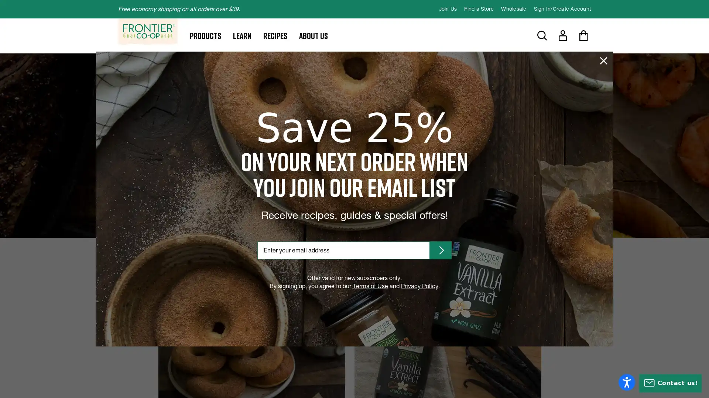  Describe the element at coordinates (583, 35) in the screenshot. I see `My Cart` at that location.